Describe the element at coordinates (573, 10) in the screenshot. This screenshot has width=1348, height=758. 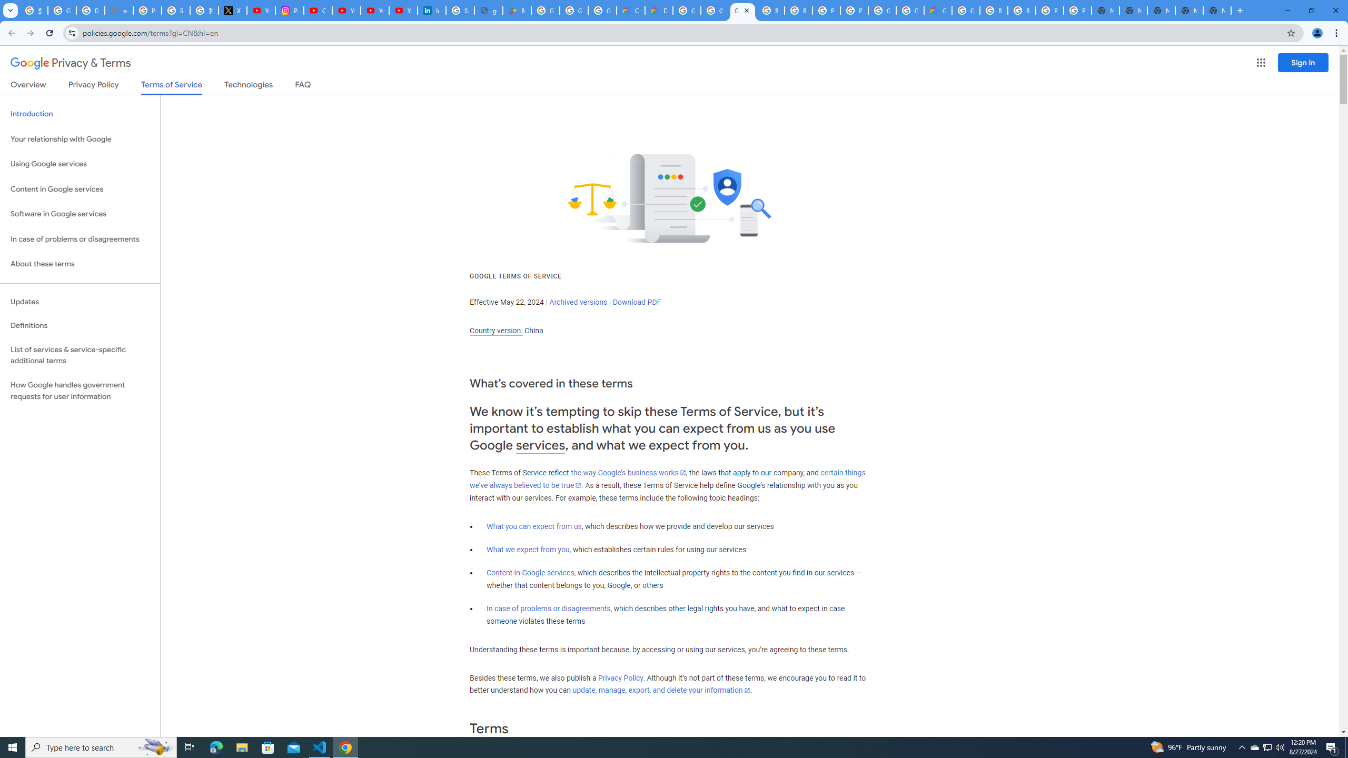
I see `'Google Workspace - Specific Terms'` at that location.